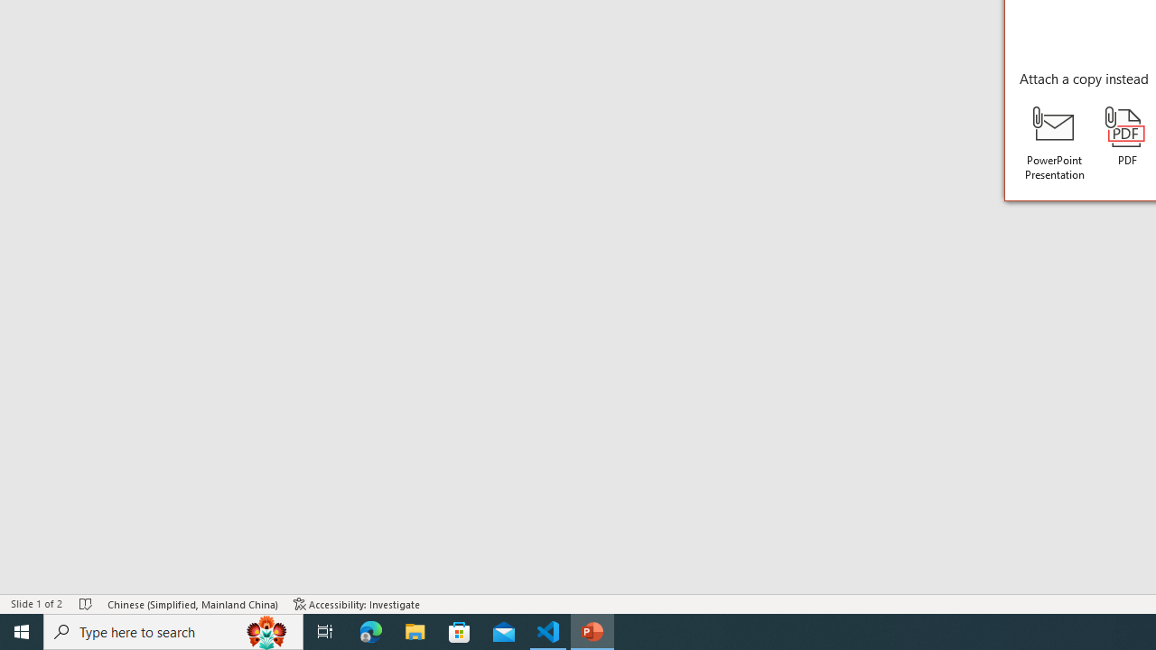 The image size is (1156, 650). I want to click on 'PDF', so click(1126, 135).